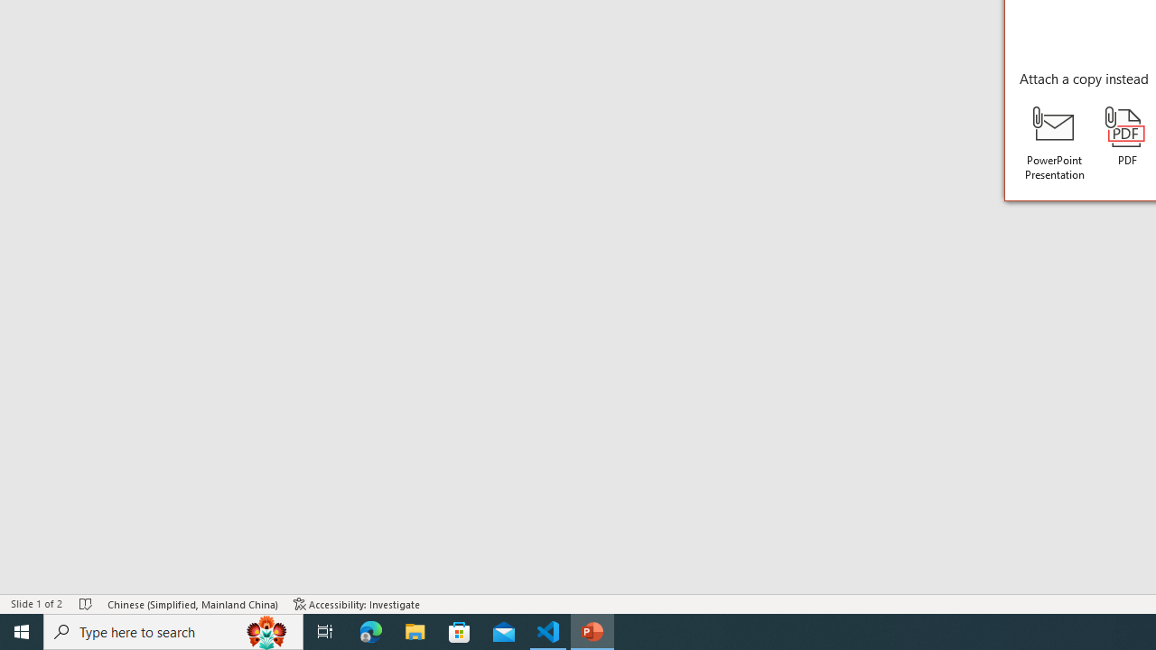 The image size is (1156, 650). I want to click on 'PDF', so click(1126, 135).